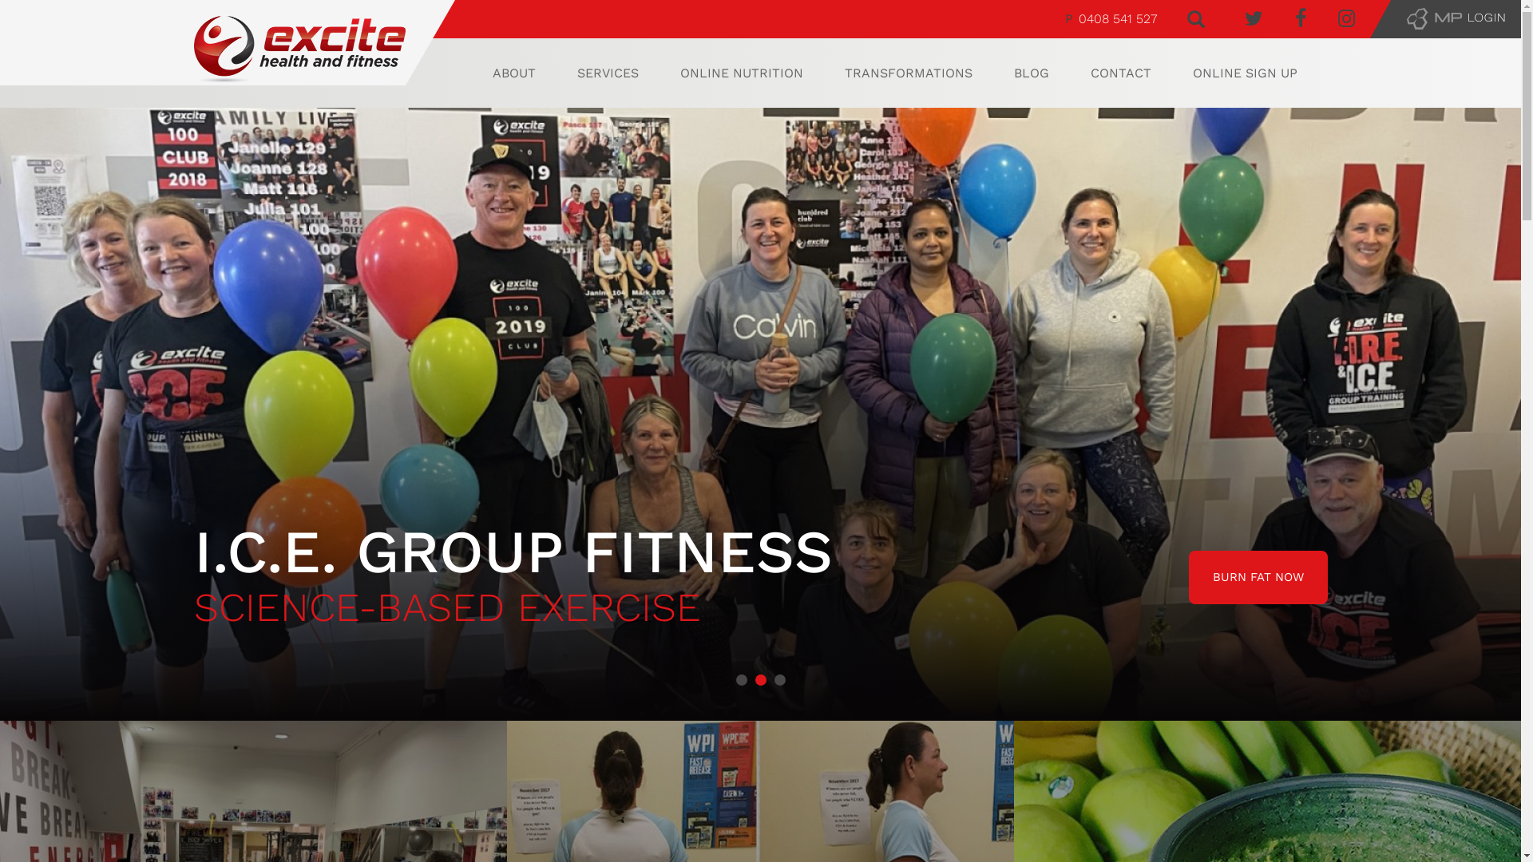 This screenshot has width=1533, height=862. I want to click on 'ABOUT', so click(513, 73).